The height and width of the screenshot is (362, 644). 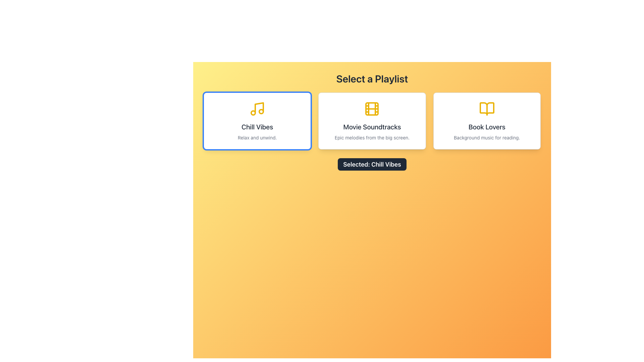 I want to click on the SVG Circle that is a decorative component of the musical note icon, positioned towards the bottom-left corner below the vertical note stem, so click(x=253, y=112).